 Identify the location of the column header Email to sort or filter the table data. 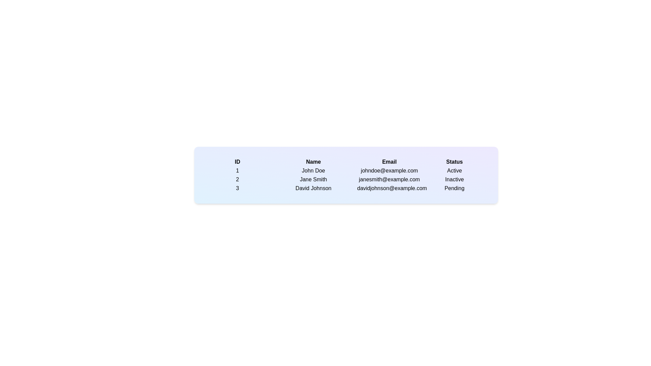
(389, 162).